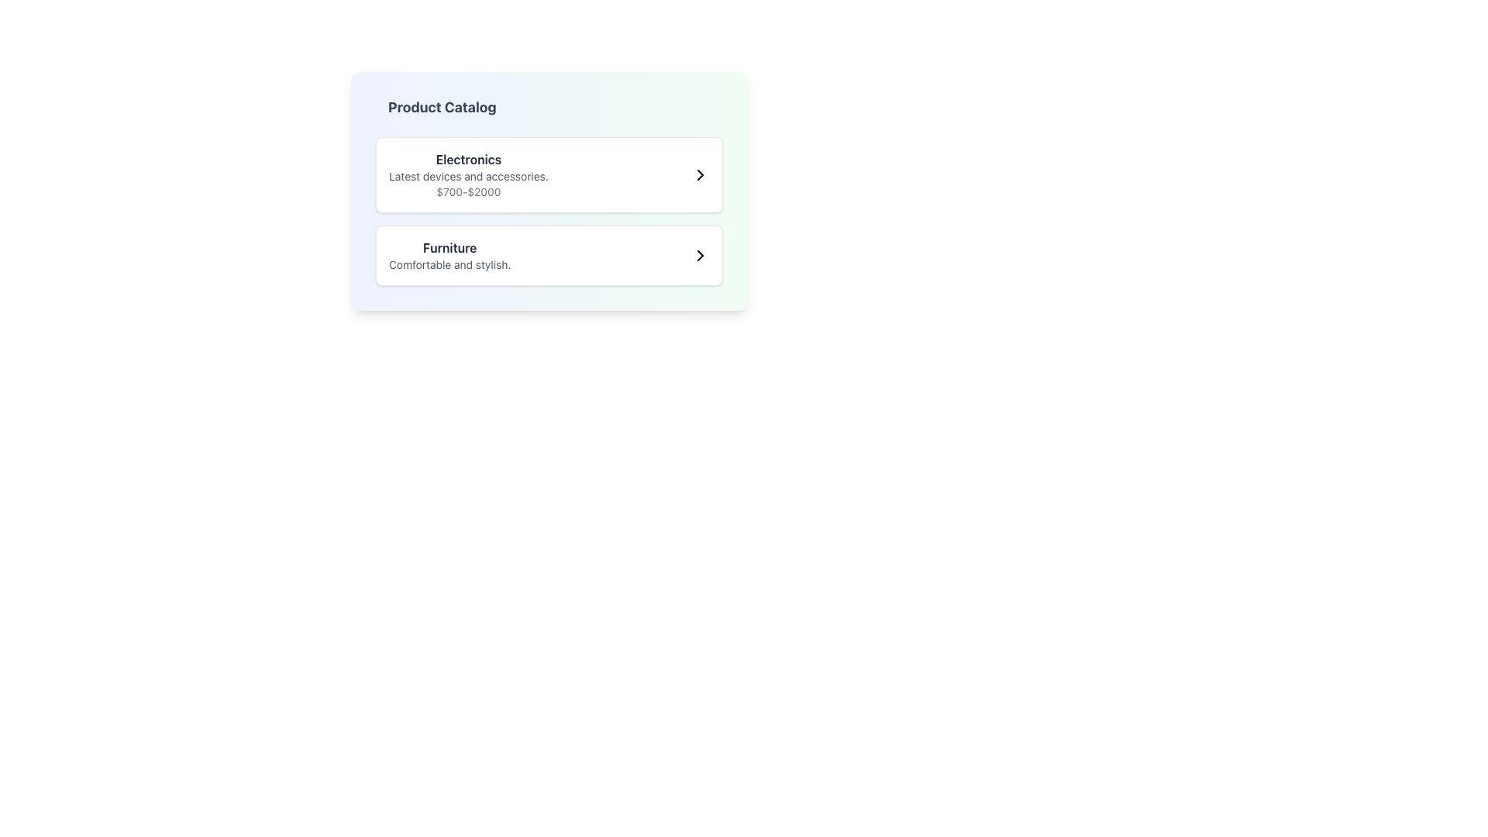  Describe the element at coordinates (467, 191) in the screenshot. I see `price information text for the electronics category, located below 'Latest devices and accessories' within the product catalog card layout` at that location.